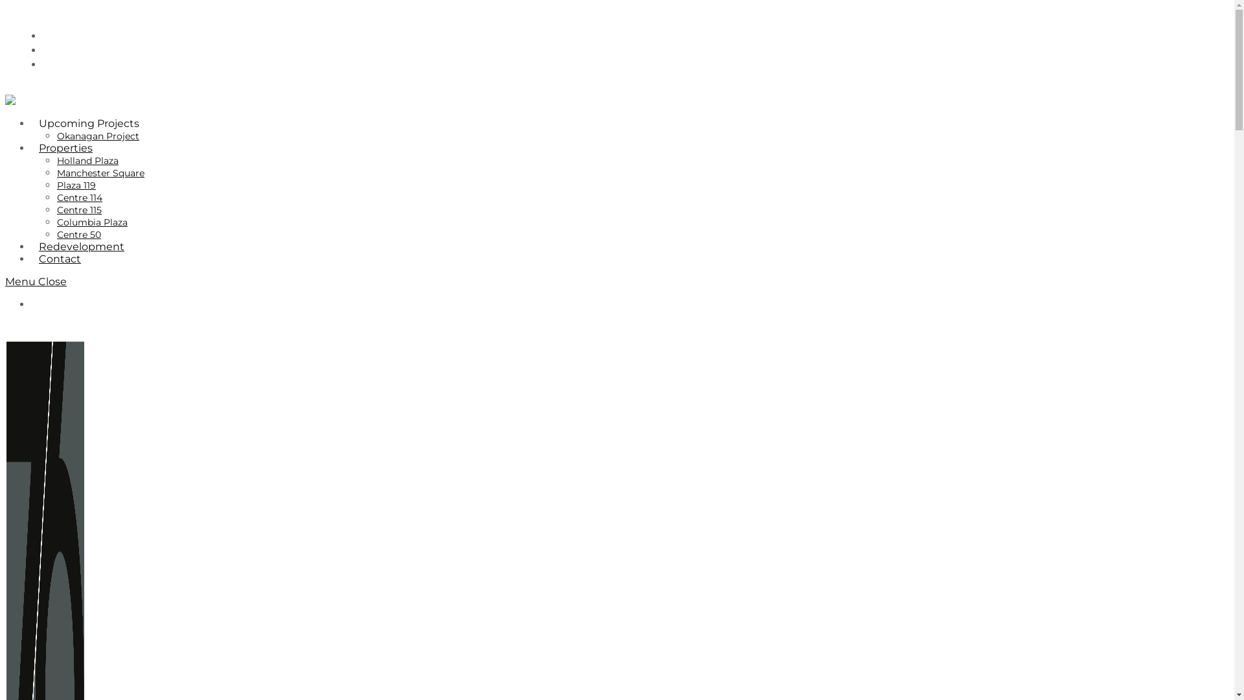 This screenshot has height=700, width=1244. Describe the element at coordinates (78, 209) in the screenshot. I see `'Centre 115'` at that location.